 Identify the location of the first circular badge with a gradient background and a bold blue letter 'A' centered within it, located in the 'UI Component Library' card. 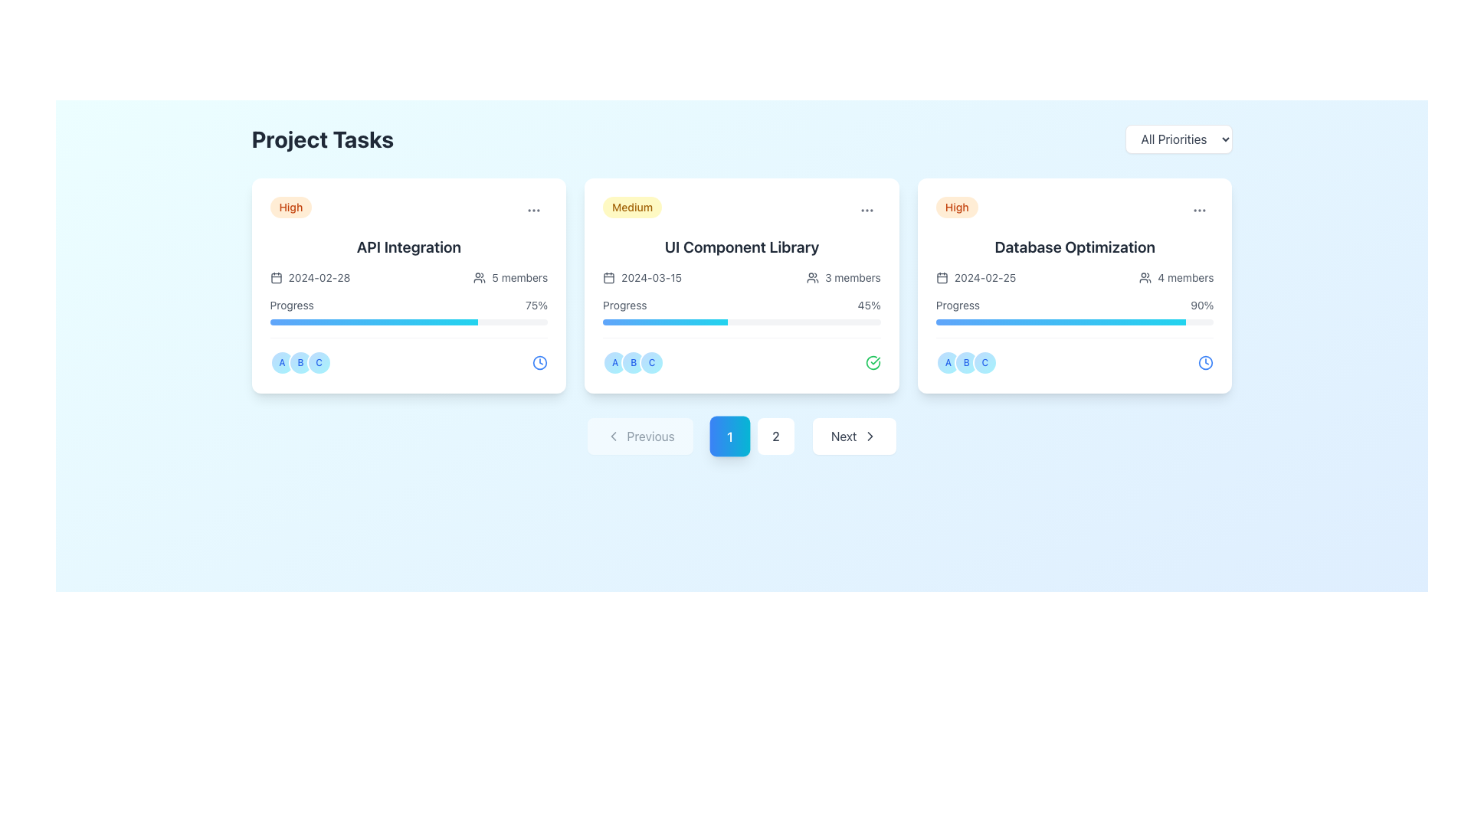
(615, 363).